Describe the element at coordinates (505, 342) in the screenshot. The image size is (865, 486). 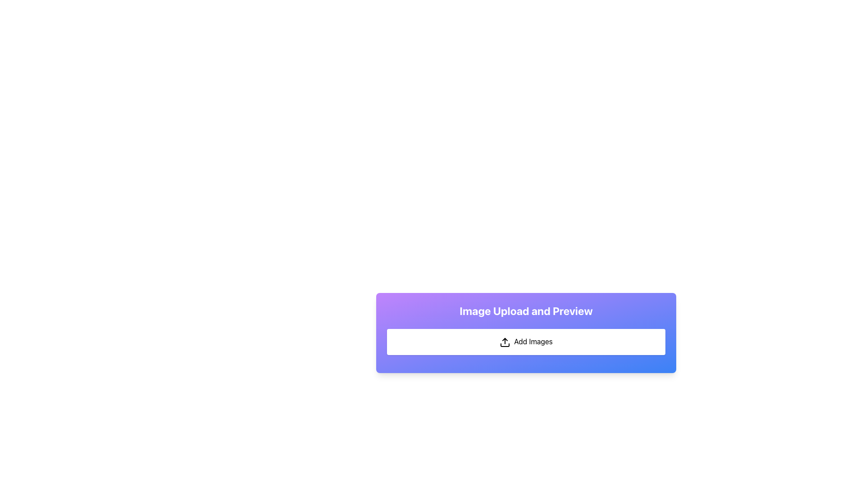
I see `the upload icon located to the left of the 'Add Images' text inside the rounded rectangular button` at that location.